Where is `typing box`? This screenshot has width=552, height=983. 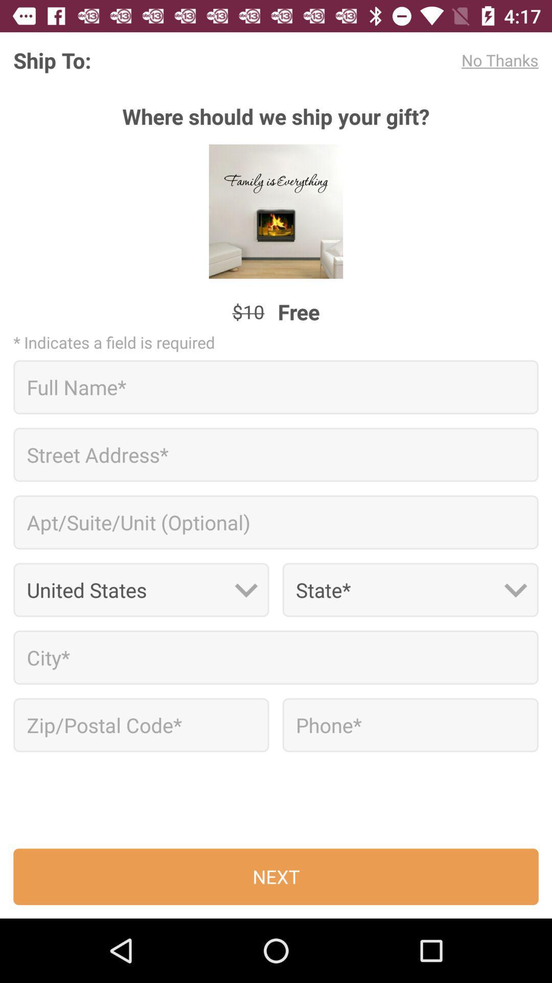 typing box is located at coordinates (276, 657).